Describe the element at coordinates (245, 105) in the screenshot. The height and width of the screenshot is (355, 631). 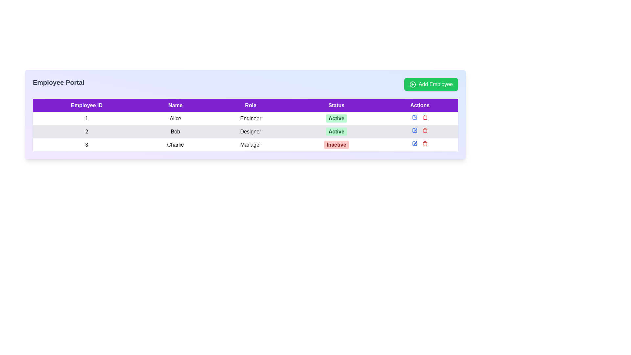
I see `the table header row located at the top of the table which defines the titles of the columns beneath it` at that location.